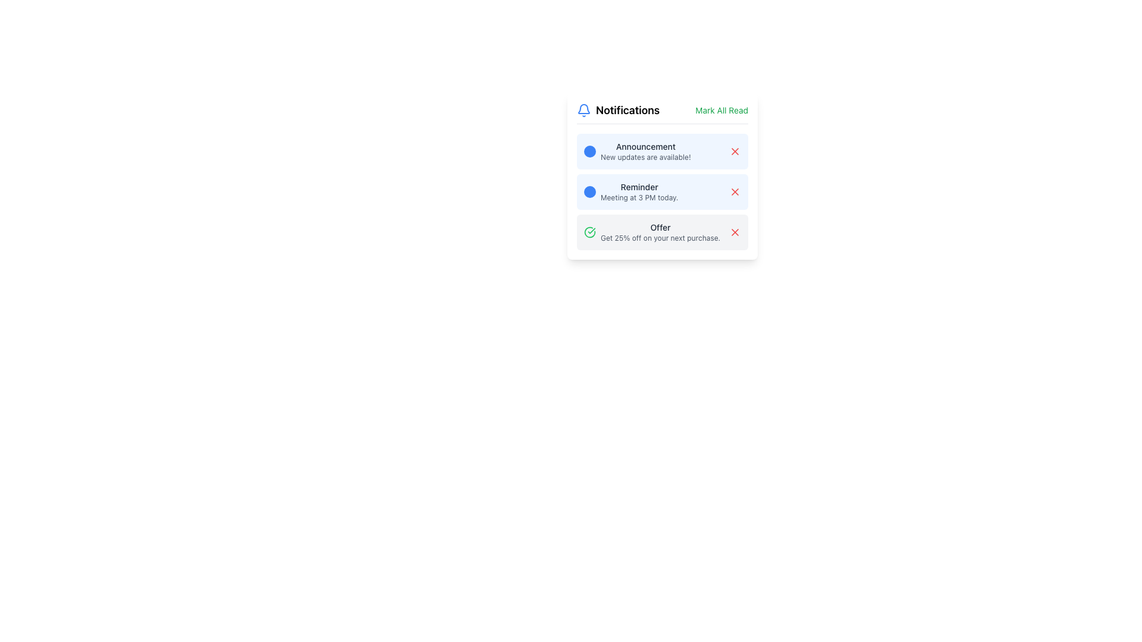  I want to click on text label displaying 'Reminder' in dark gray on a light blue background, located in the second notification item of the notification list, so click(639, 187).